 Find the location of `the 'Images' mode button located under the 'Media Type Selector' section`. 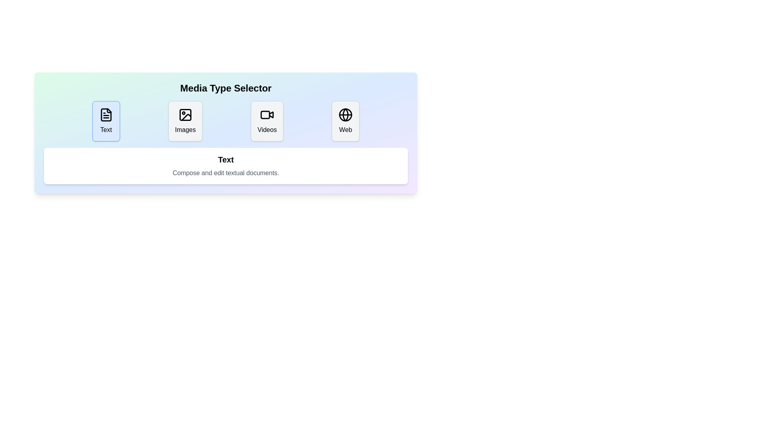

the 'Images' mode button located under the 'Media Type Selector' section is located at coordinates (185, 121).